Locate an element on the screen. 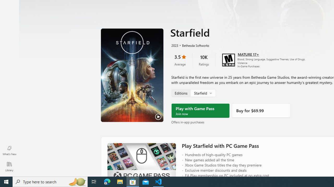  'What' is located at coordinates (9, 150).